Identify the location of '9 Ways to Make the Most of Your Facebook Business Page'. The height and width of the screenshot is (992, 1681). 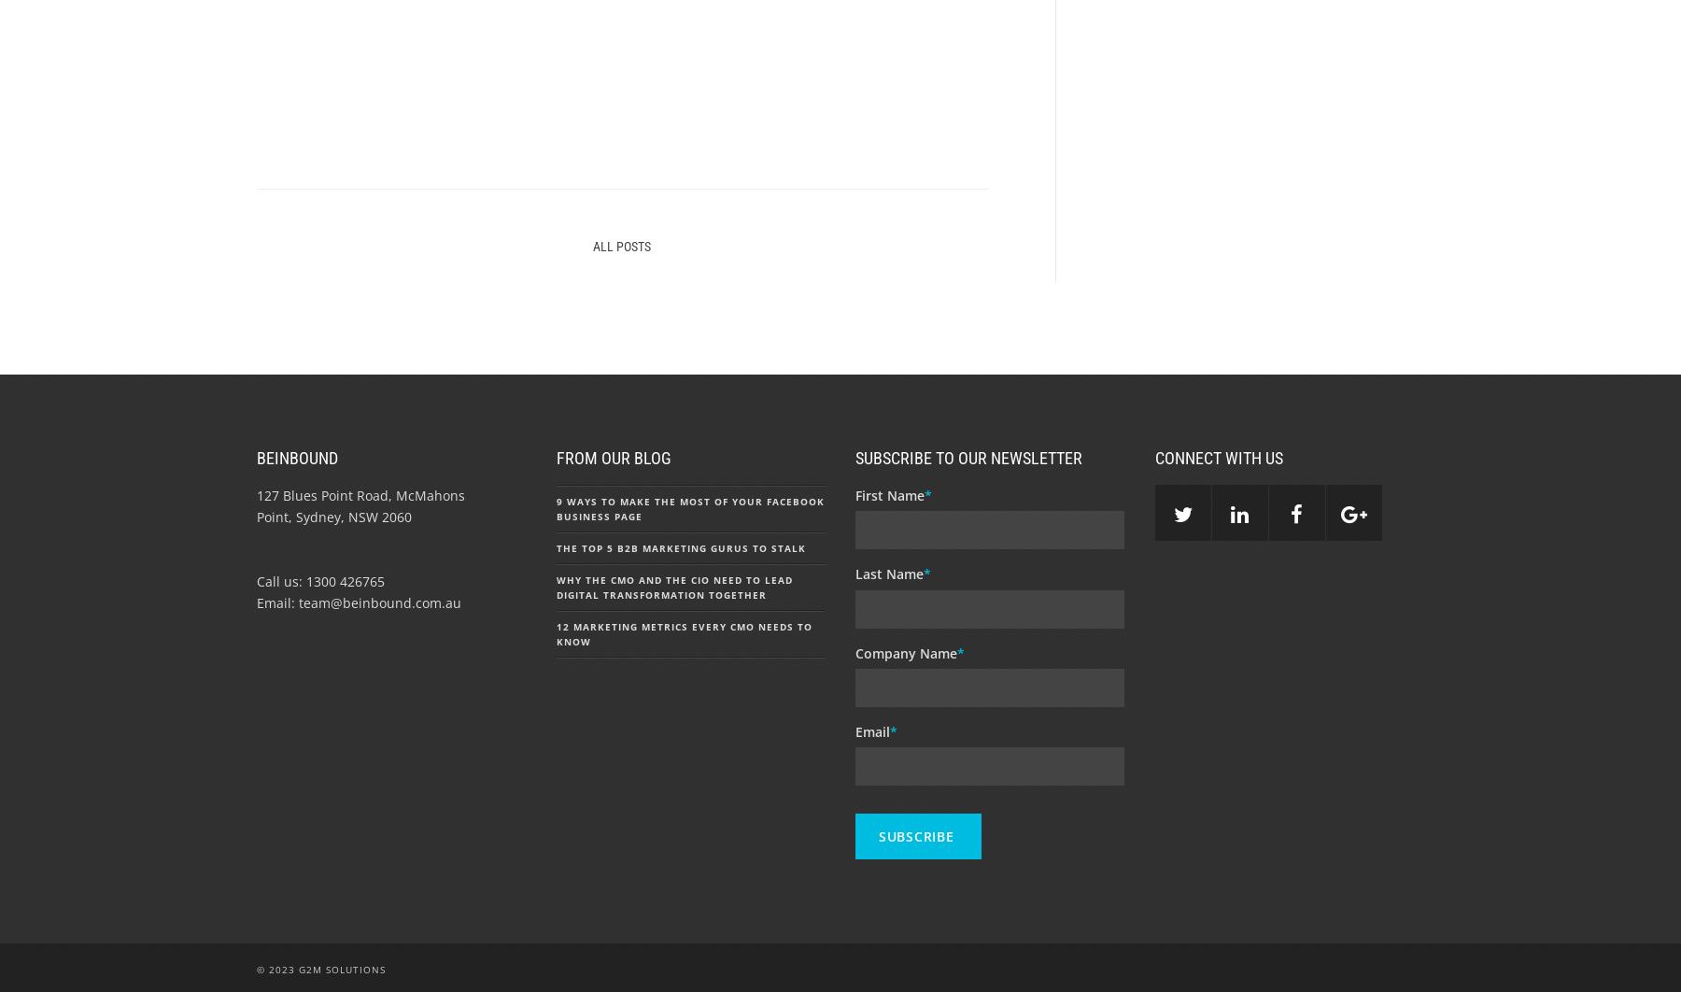
(688, 507).